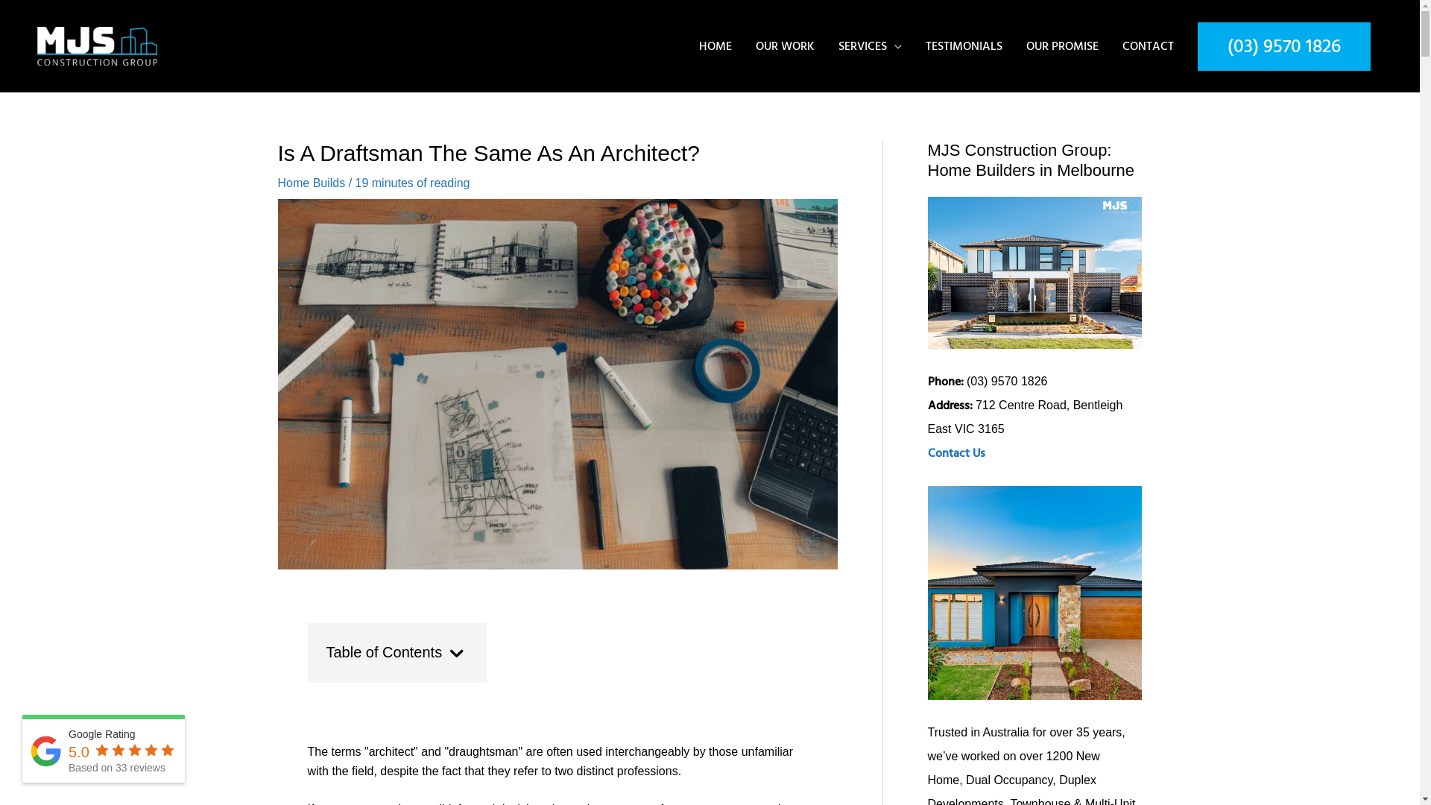 This screenshot has height=805, width=1431. Describe the element at coordinates (277, 182) in the screenshot. I see `'Home Builds'` at that location.